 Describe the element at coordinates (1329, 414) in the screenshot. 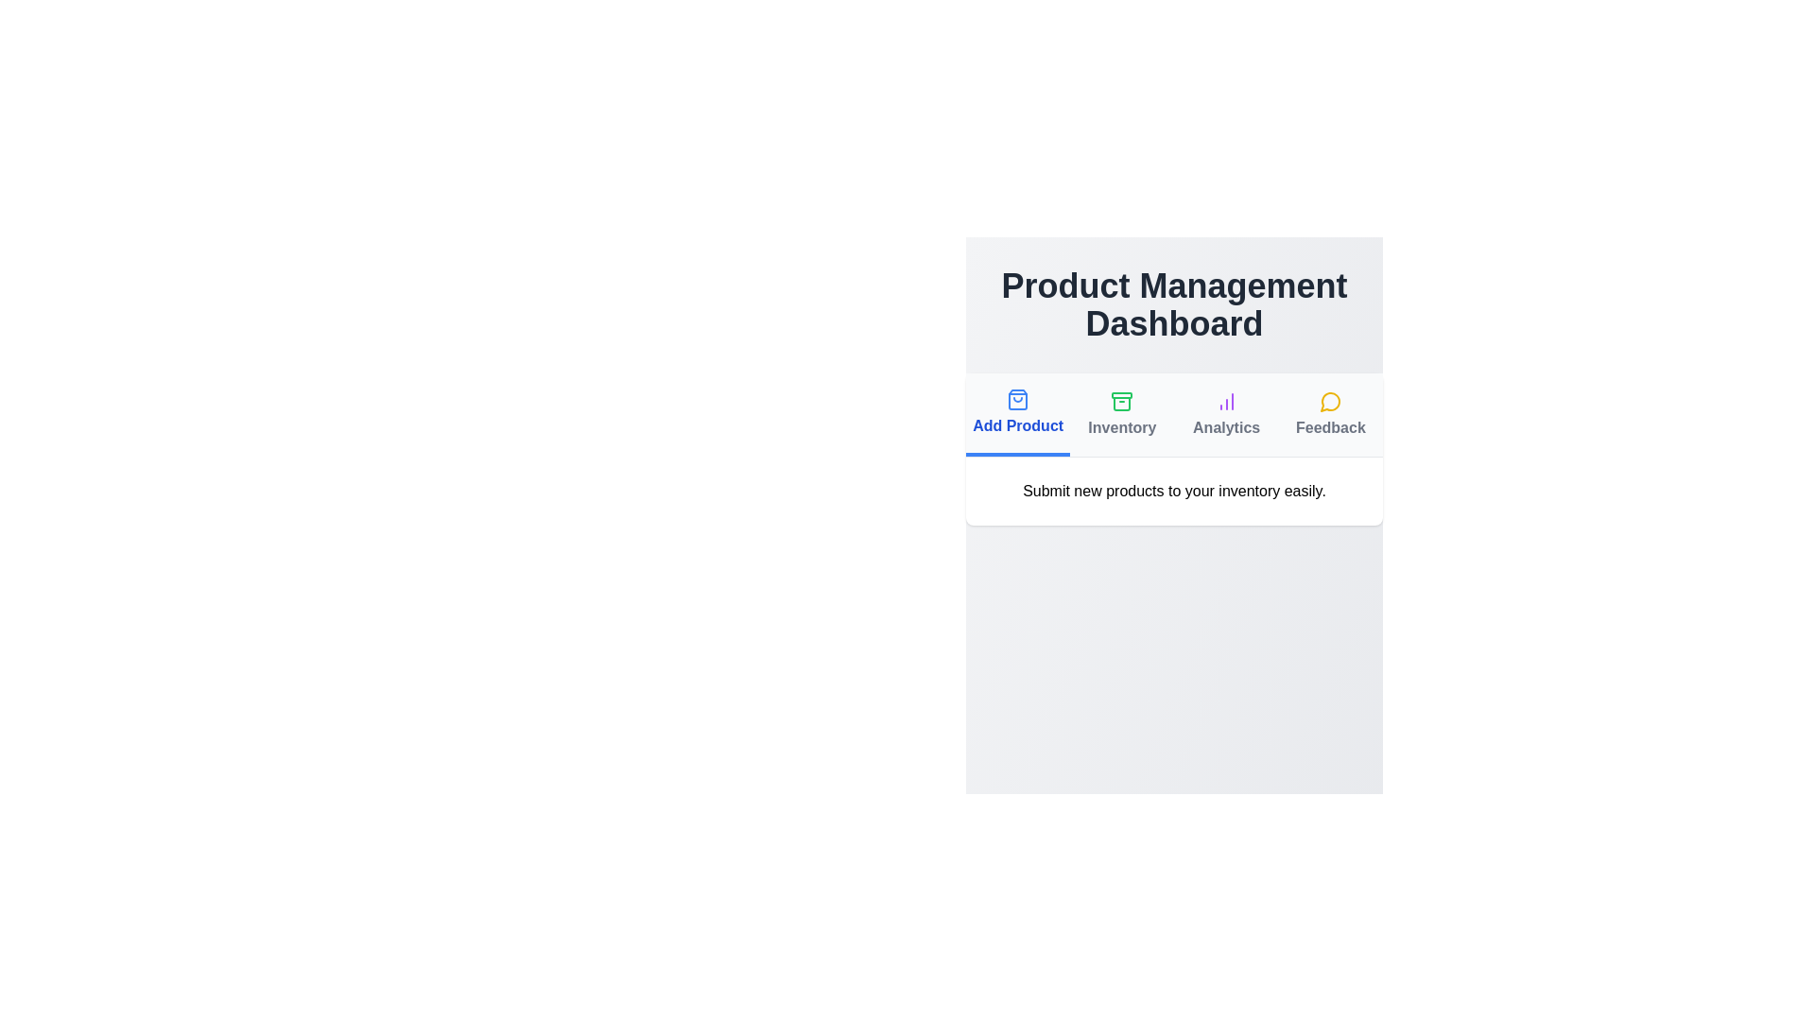

I see `the yellow outlined speech bubble button labeled 'Feedback' located in the top navigation bar` at that location.